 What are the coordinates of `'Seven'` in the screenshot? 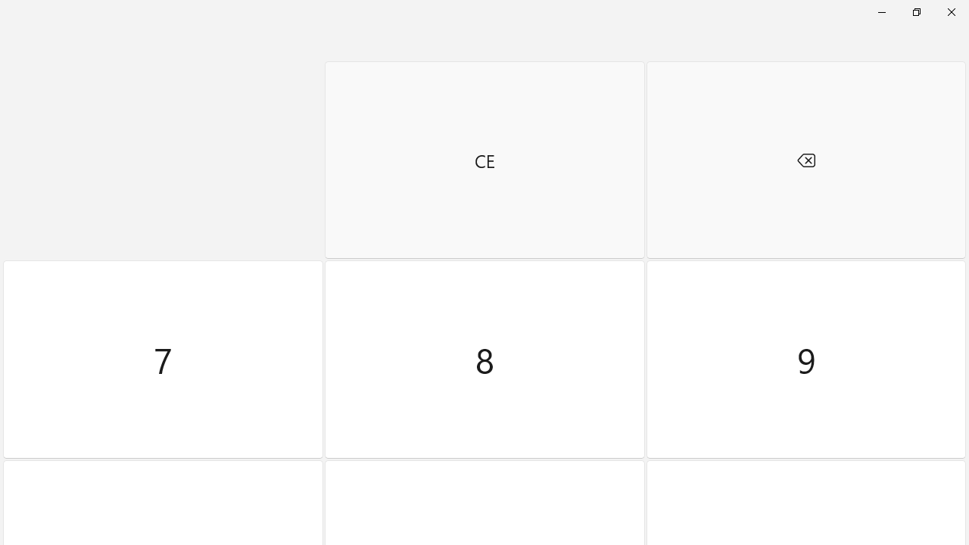 It's located at (163, 360).